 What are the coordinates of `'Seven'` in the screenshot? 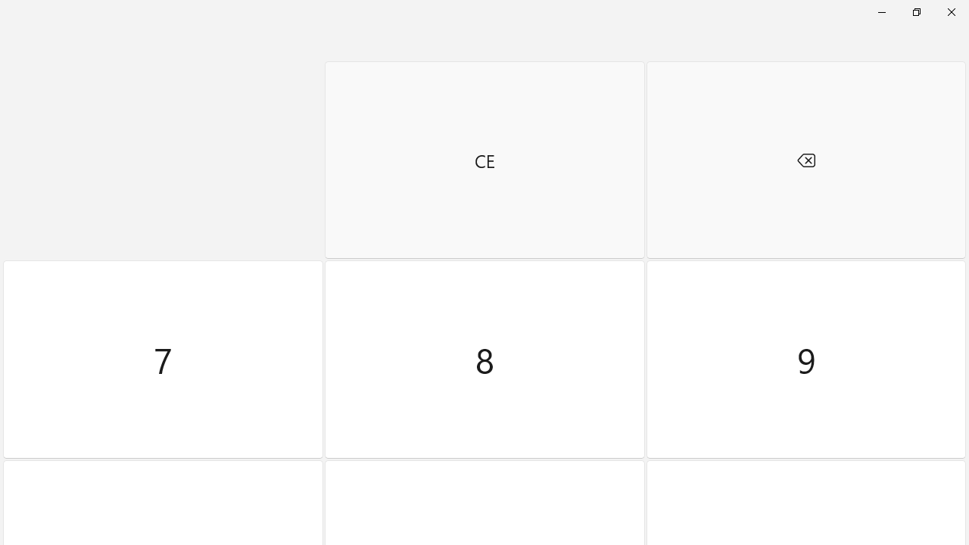 It's located at (163, 360).